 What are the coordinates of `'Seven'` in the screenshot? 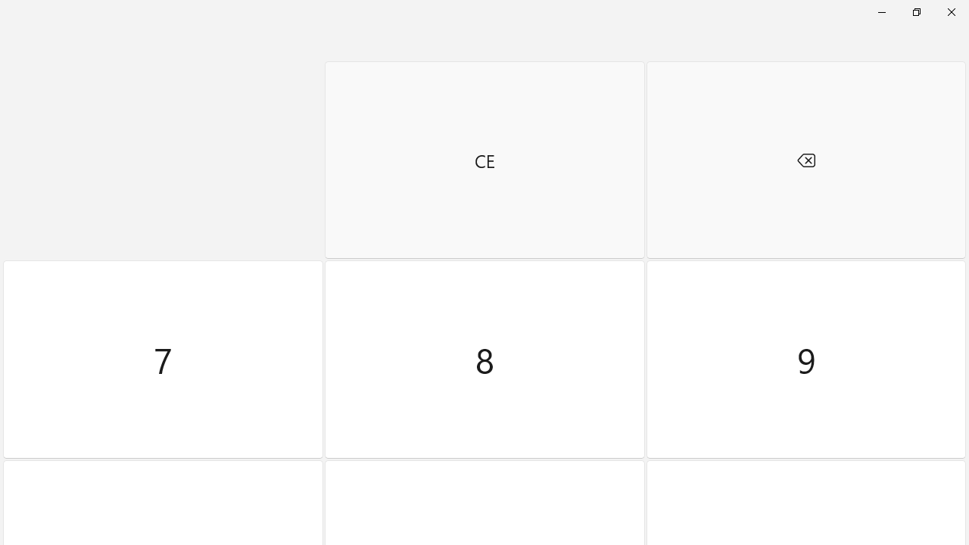 It's located at (163, 360).